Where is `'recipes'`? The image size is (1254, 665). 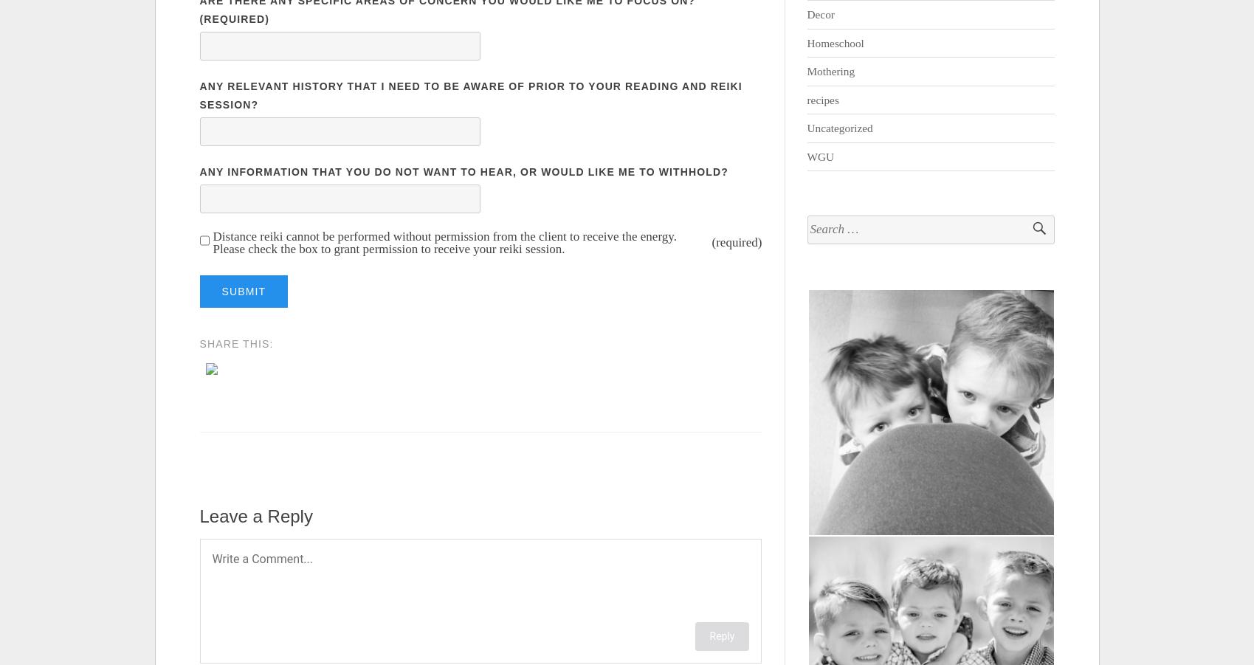 'recipes' is located at coordinates (821, 99).